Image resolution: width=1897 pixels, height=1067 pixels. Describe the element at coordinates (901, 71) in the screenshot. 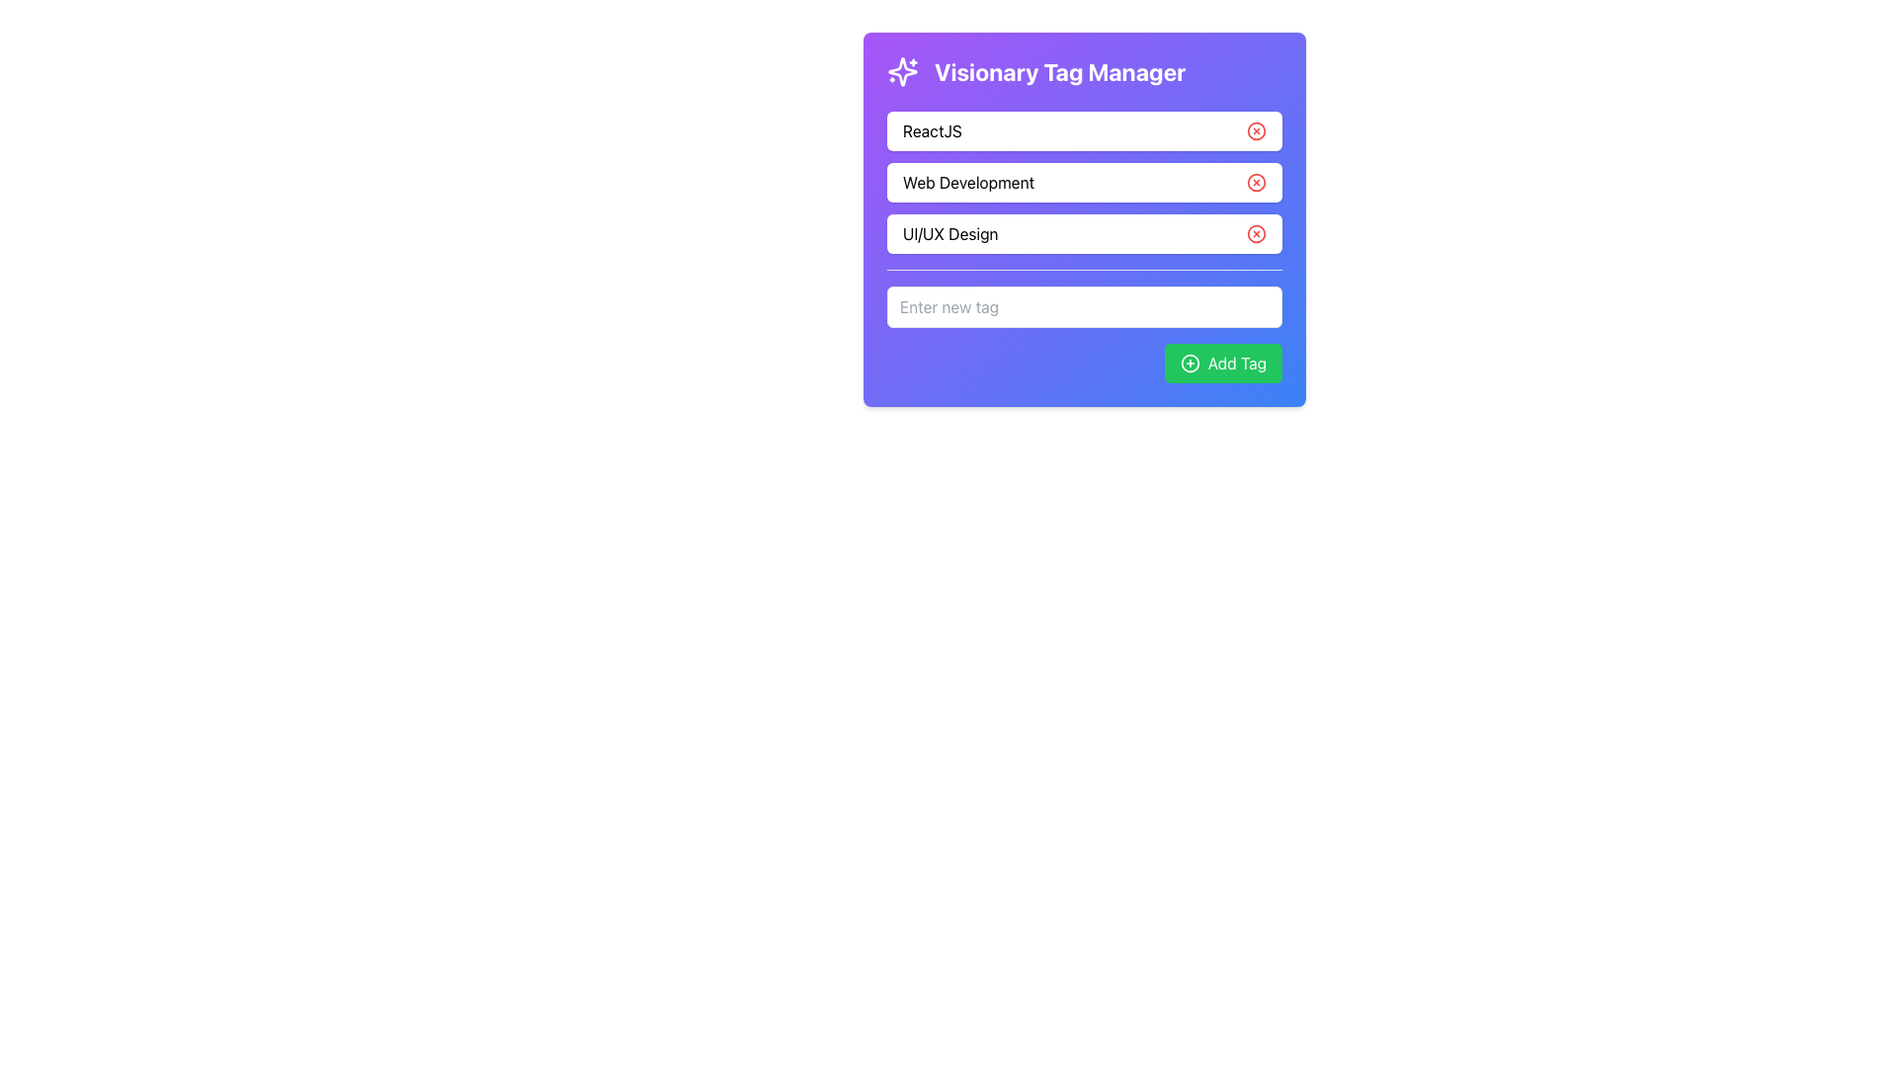

I see `the star-like decorative icon with sharp edges, which is white on a purple background, located at the top-left corner of the 'Visionary Tag Manager' panel` at that location.